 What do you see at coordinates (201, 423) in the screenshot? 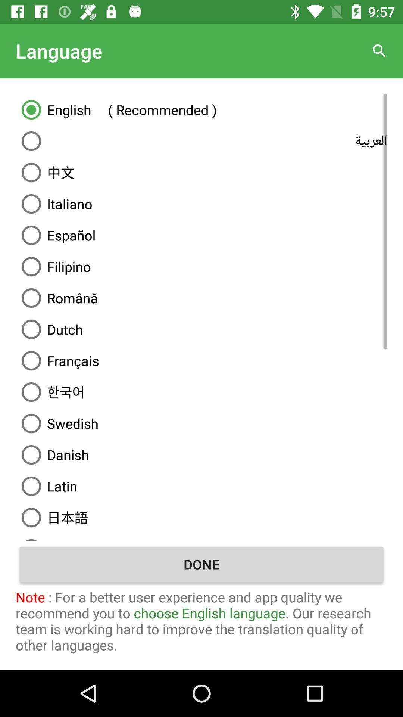
I see `the swedish icon` at bounding box center [201, 423].